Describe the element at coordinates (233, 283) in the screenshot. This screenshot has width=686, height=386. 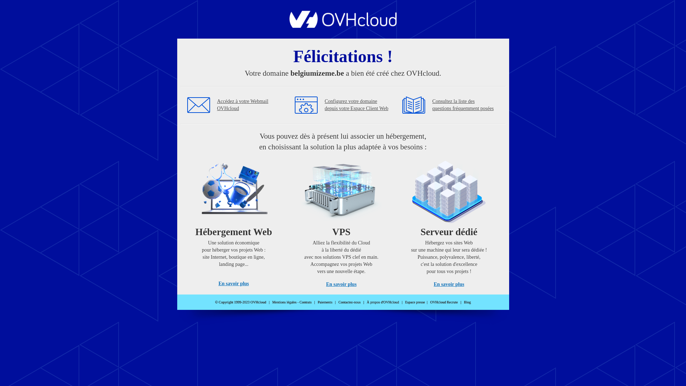
I see `'En savoir plus'` at that location.